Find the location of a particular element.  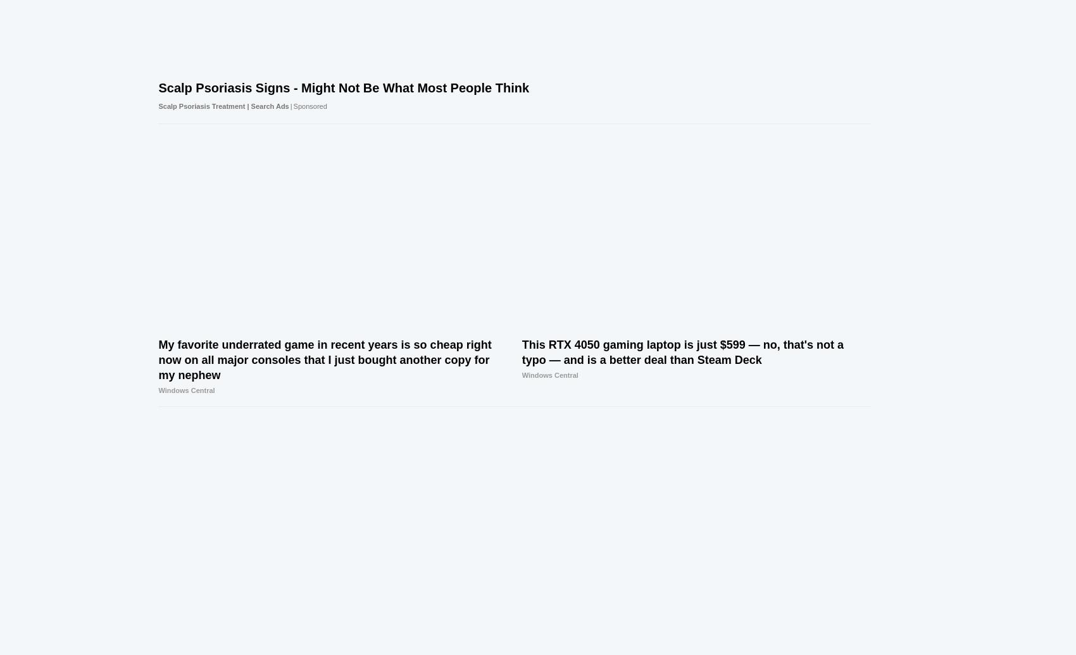

'Windows Central Archives' is located at coordinates (291, 485).